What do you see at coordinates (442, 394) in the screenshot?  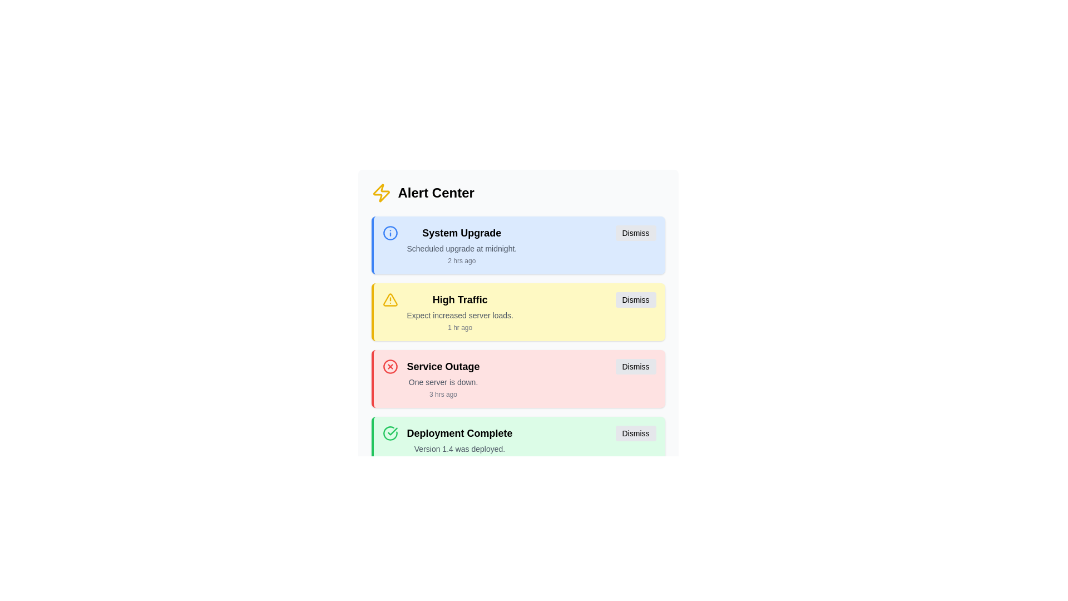 I see `time information displayed in the small text label that shows '3 hrs ago' located in the bottom-right area of the 'Service Outage' alert box, below the message 'One server is down.'` at bounding box center [442, 394].